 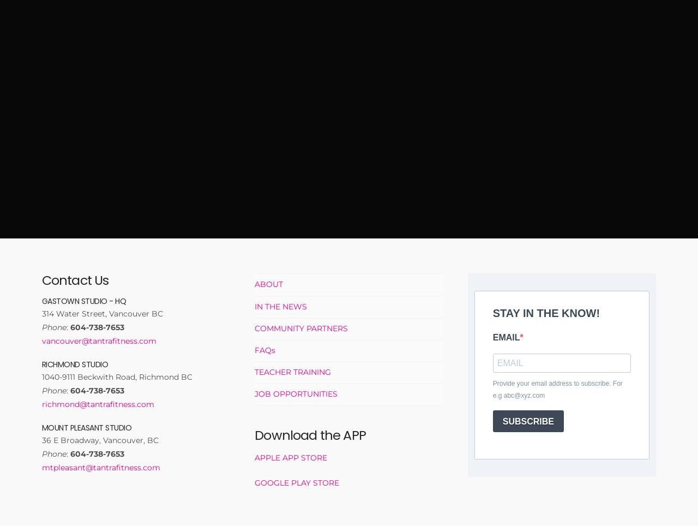 I want to click on 'APPLE APP STORE', so click(x=291, y=457).